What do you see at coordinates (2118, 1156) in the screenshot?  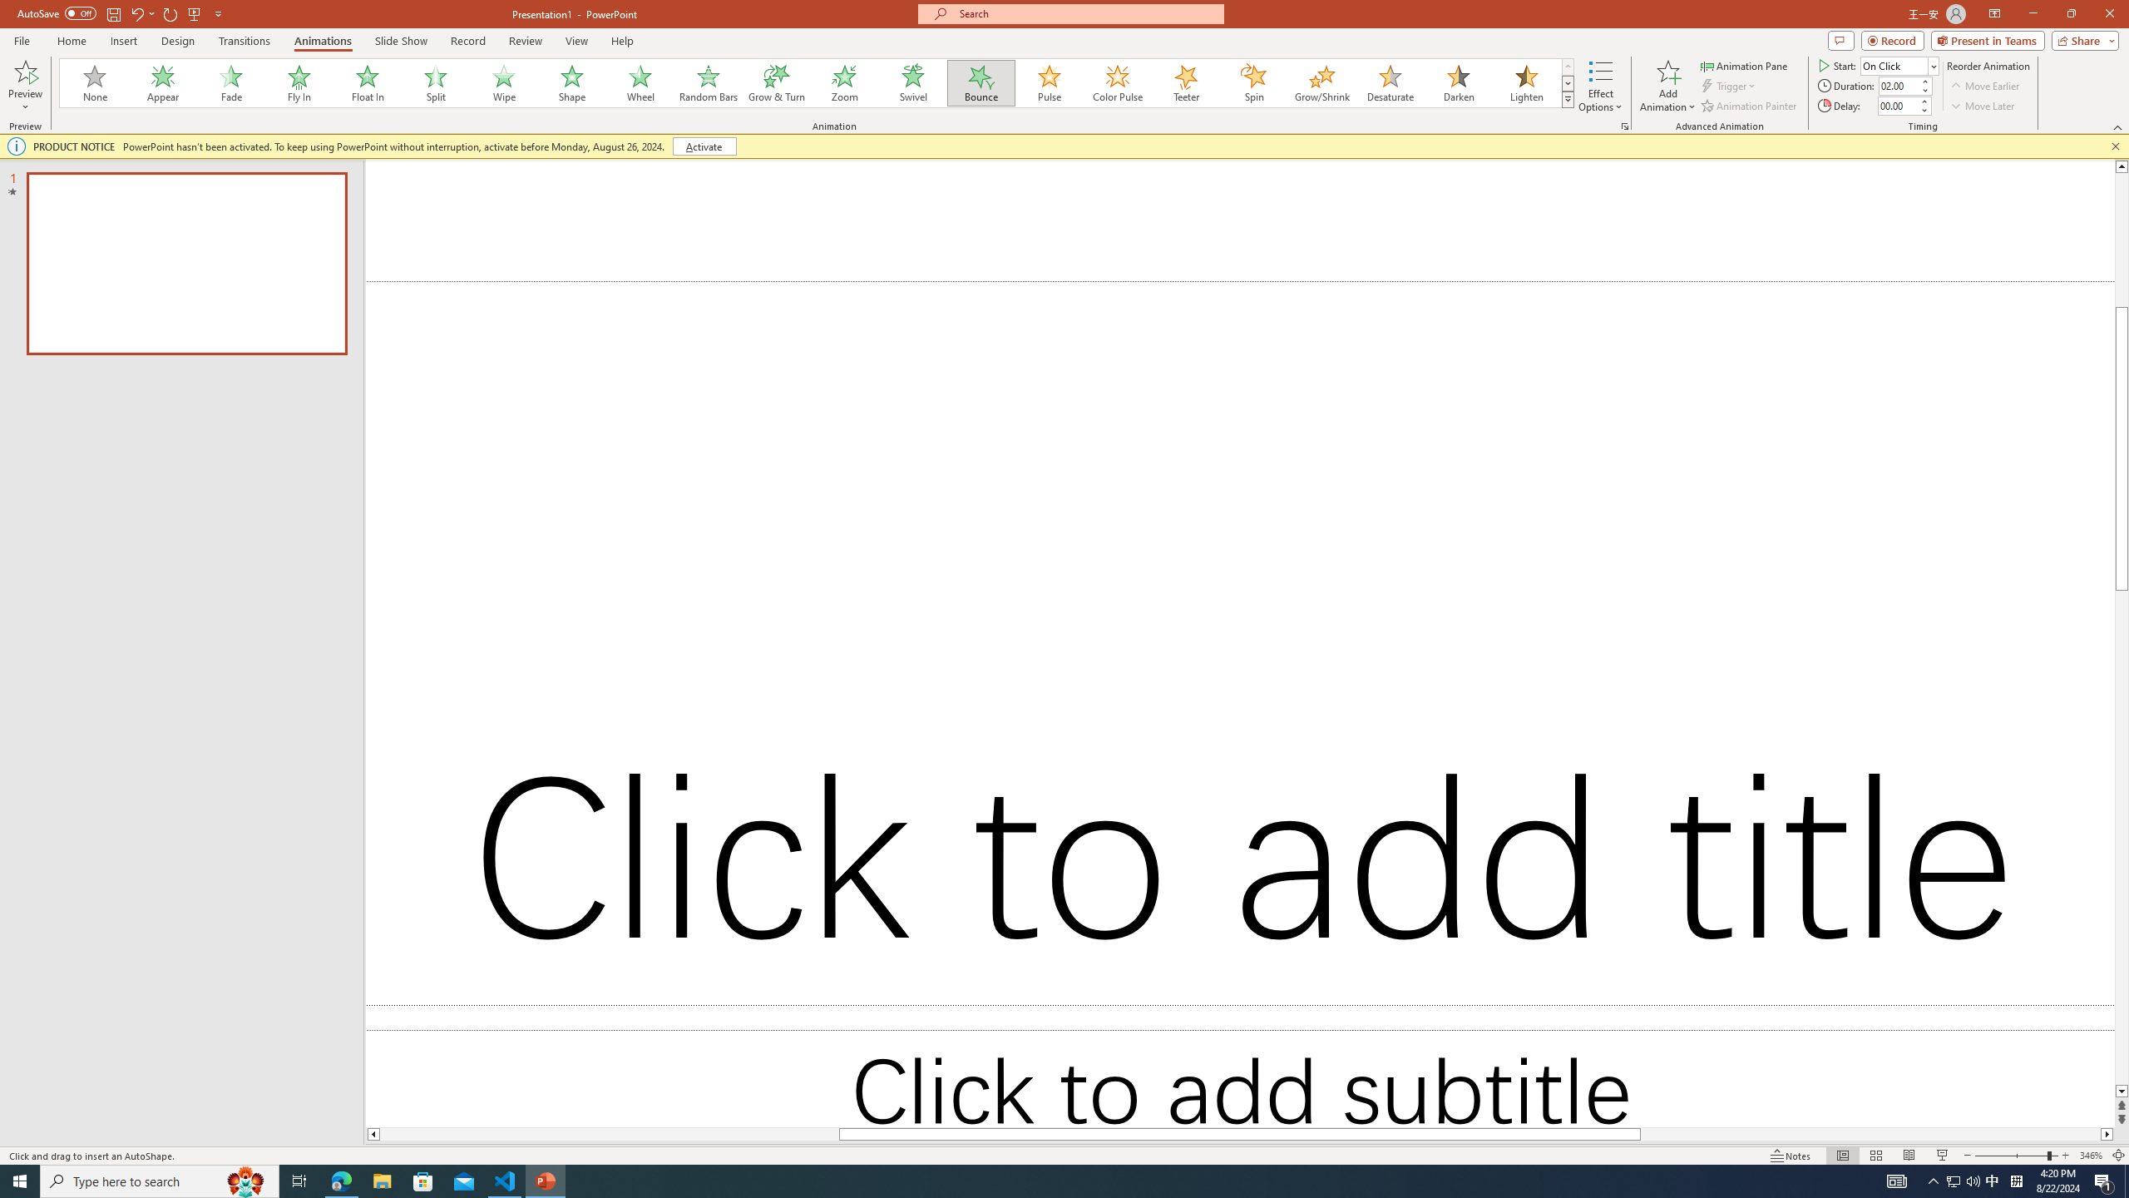 I see `'Zoom to Fit '` at bounding box center [2118, 1156].